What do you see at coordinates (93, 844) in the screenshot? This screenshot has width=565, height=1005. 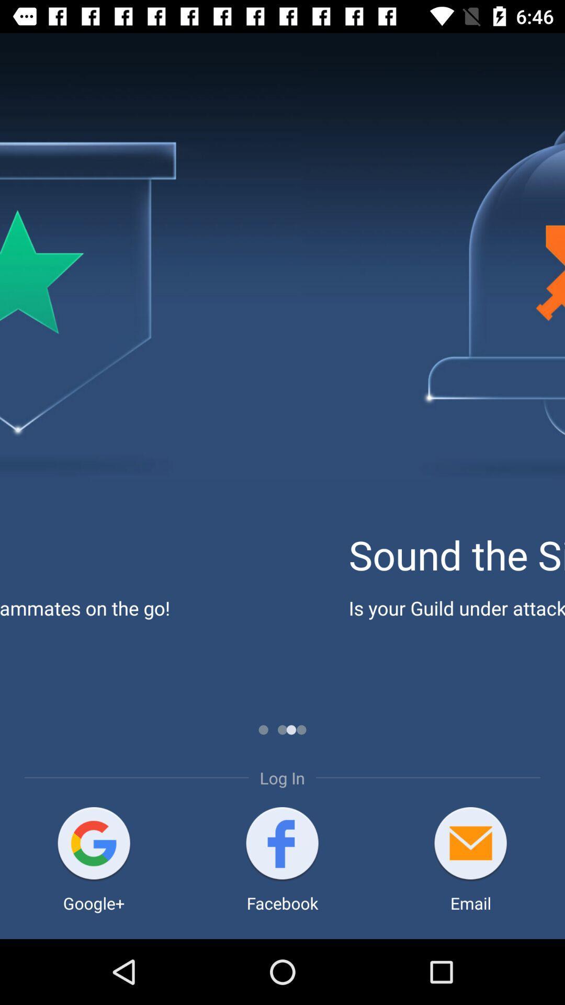 I see `open google` at bounding box center [93, 844].